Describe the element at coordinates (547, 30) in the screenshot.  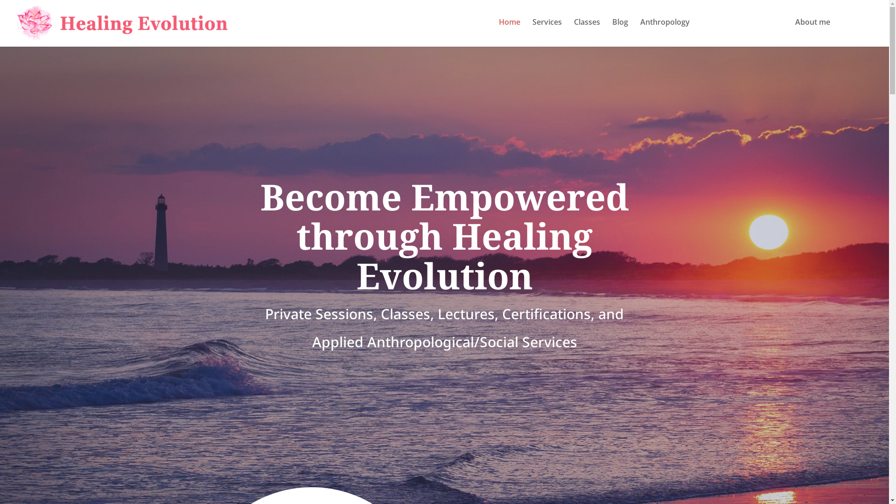
I see `'Services'` at that location.